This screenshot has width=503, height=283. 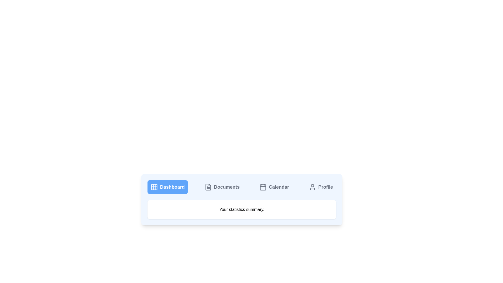 What do you see at coordinates (154, 187) in the screenshot?
I see `the grid item located in the top-left corner of the grid with rounded corners and a light background` at bounding box center [154, 187].